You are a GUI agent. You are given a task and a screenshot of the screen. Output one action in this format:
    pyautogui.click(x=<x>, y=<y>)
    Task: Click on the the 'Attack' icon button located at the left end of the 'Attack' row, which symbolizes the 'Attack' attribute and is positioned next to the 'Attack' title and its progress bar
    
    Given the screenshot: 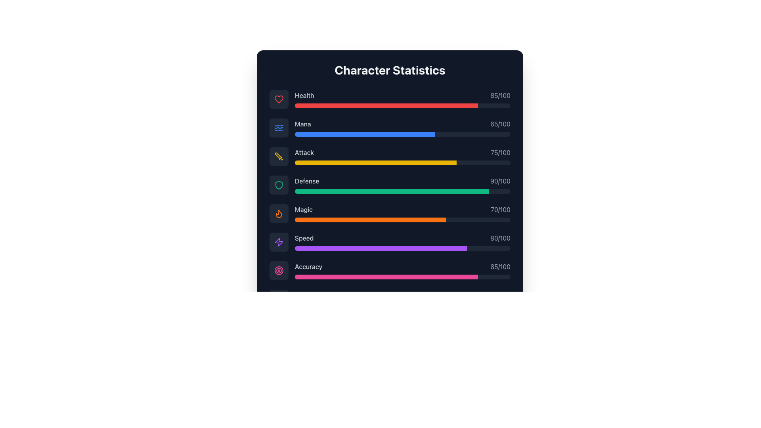 What is the action you would take?
    pyautogui.click(x=279, y=156)
    